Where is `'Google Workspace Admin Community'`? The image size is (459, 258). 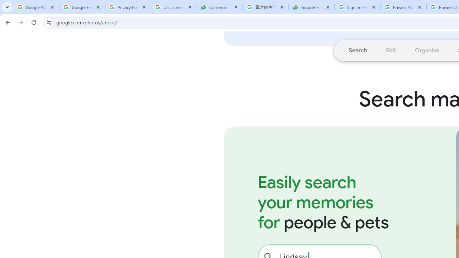
'Google Workspace Admin Community' is located at coordinates (36, 7).